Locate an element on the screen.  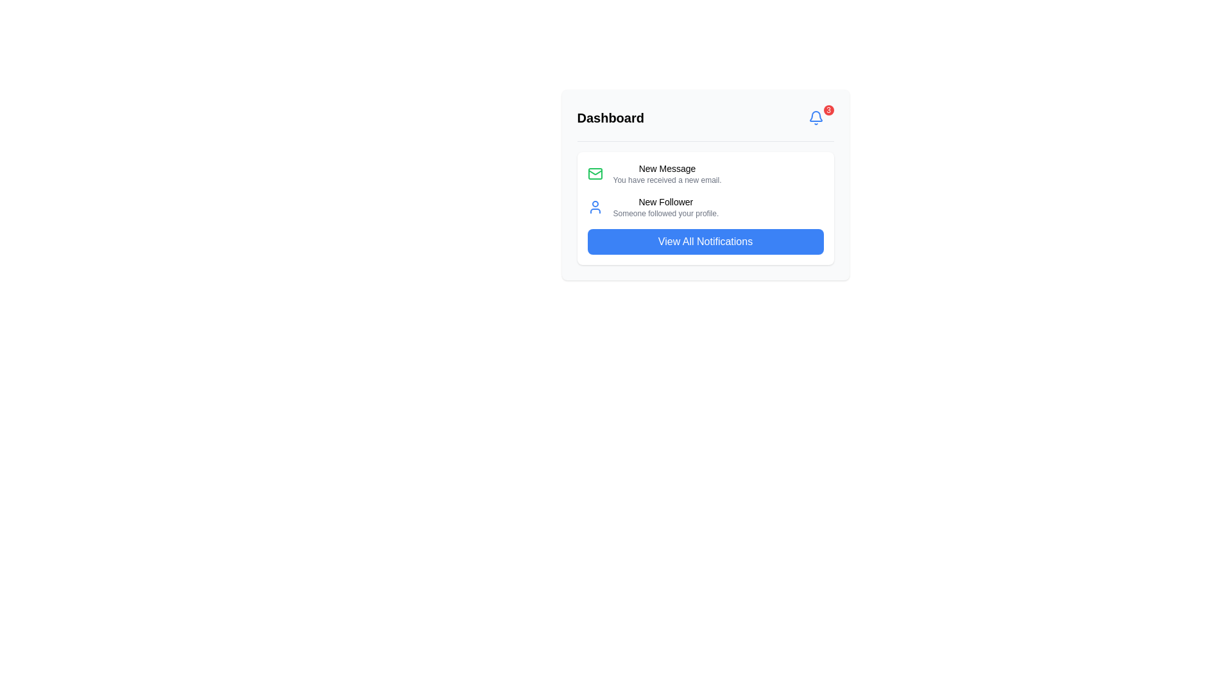
the second notification item that informs the user of a new follower on their profile, located on the dashboard page is located at coordinates (705, 207).